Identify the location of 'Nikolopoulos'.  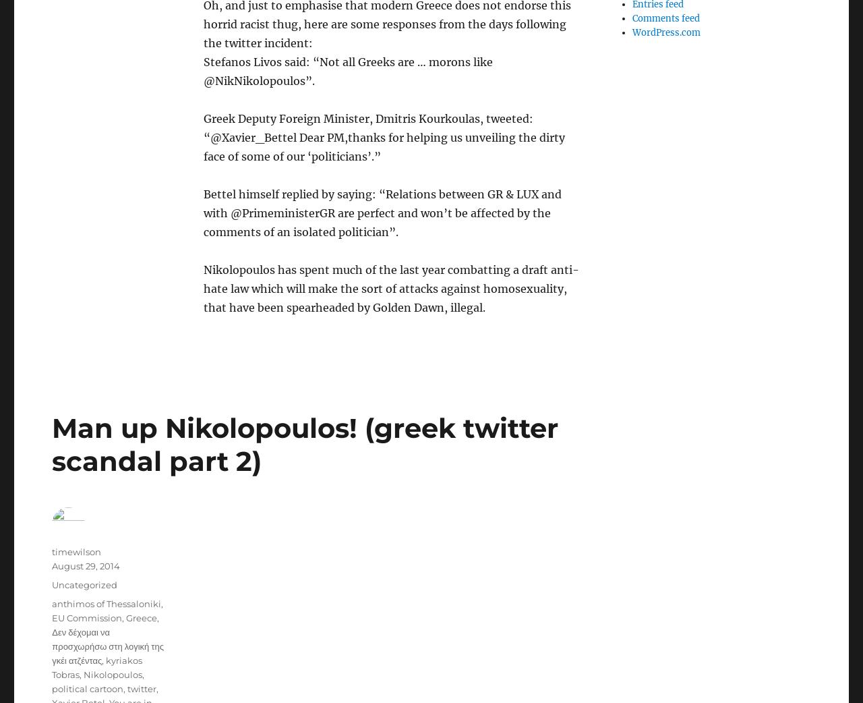
(113, 675).